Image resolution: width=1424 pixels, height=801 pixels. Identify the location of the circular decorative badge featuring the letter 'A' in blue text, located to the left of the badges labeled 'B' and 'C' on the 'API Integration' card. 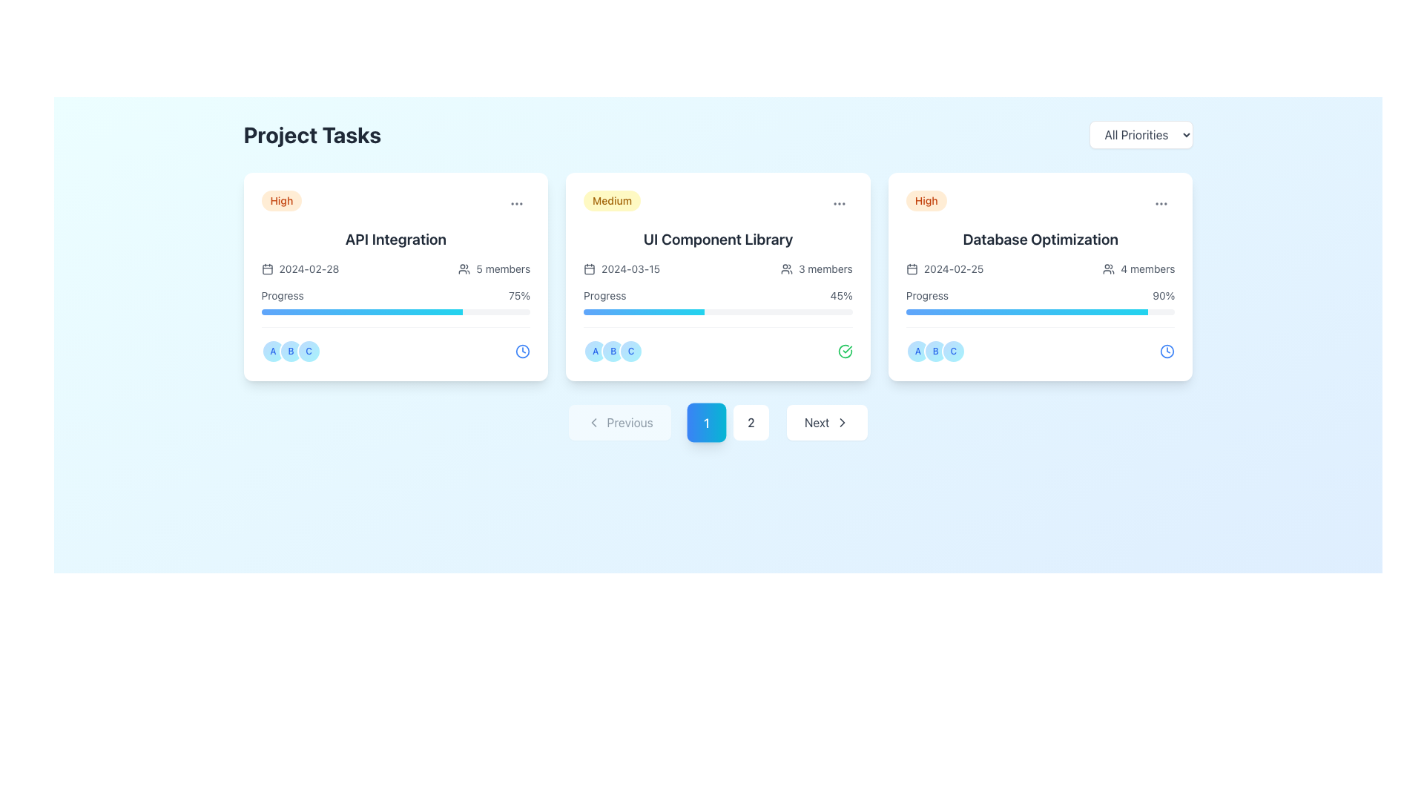
(273, 352).